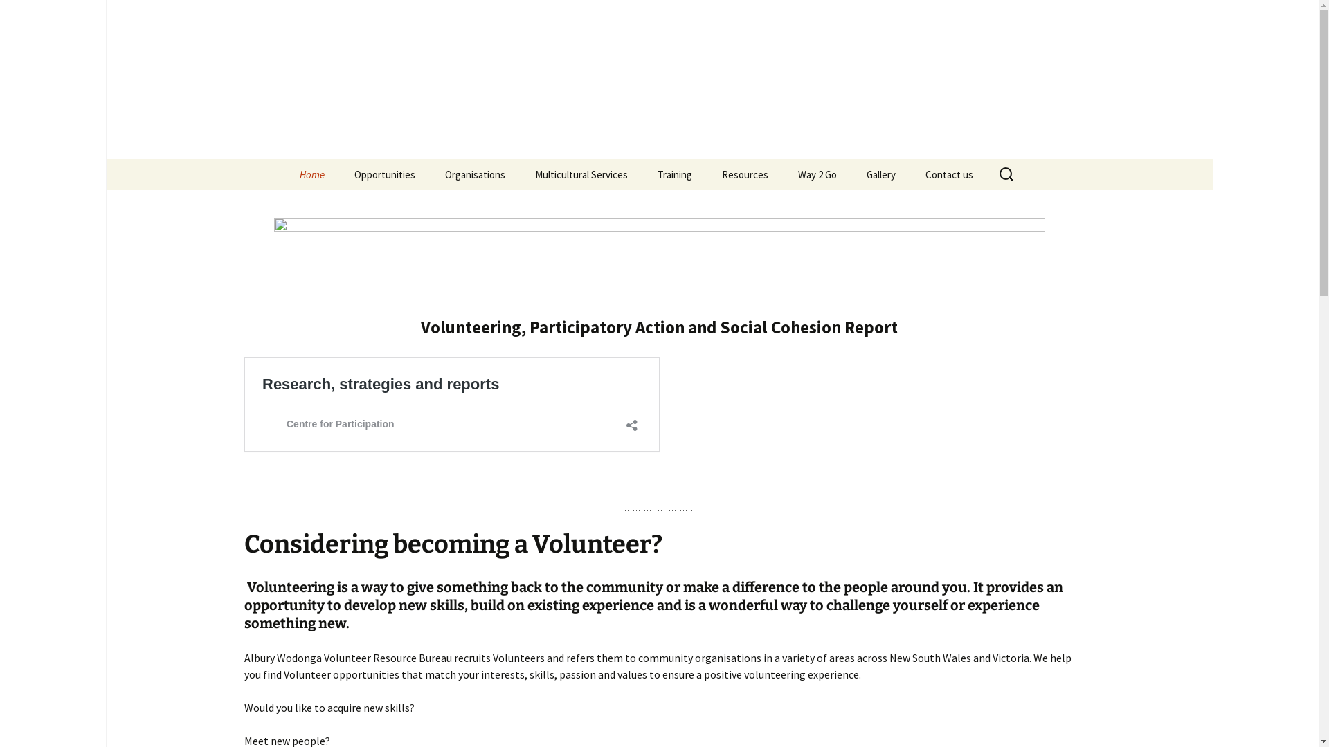 This screenshot has height=747, width=1329. I want to click on 'About us', so click(354, 205).